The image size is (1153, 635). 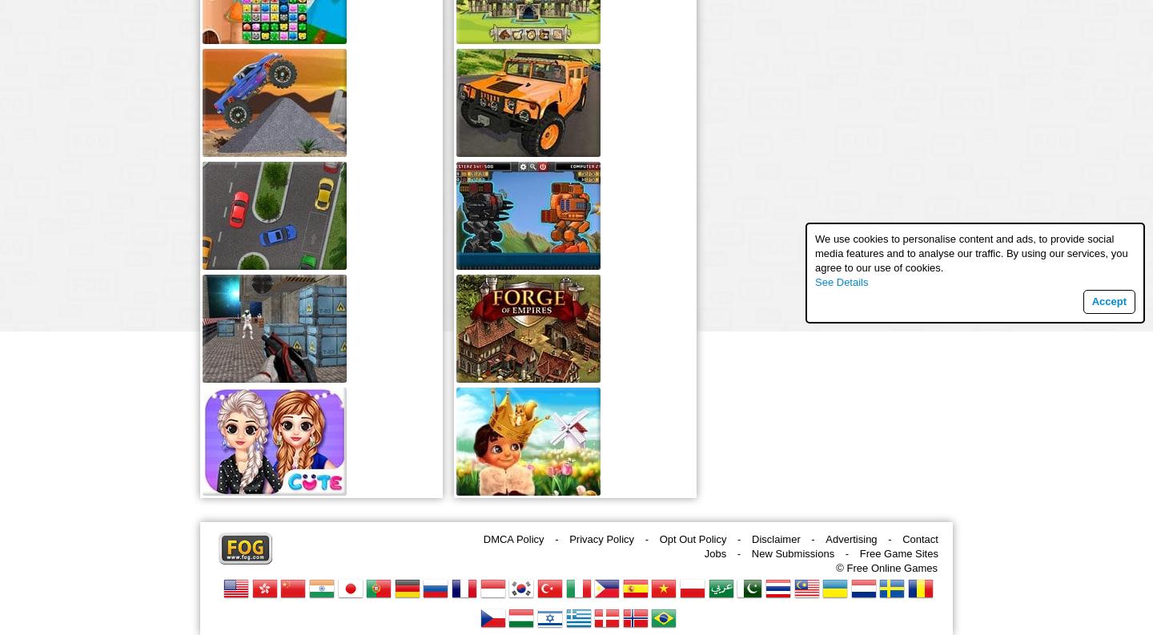 I want to click on 'DMCA Policy', so click(x=512, y=538).